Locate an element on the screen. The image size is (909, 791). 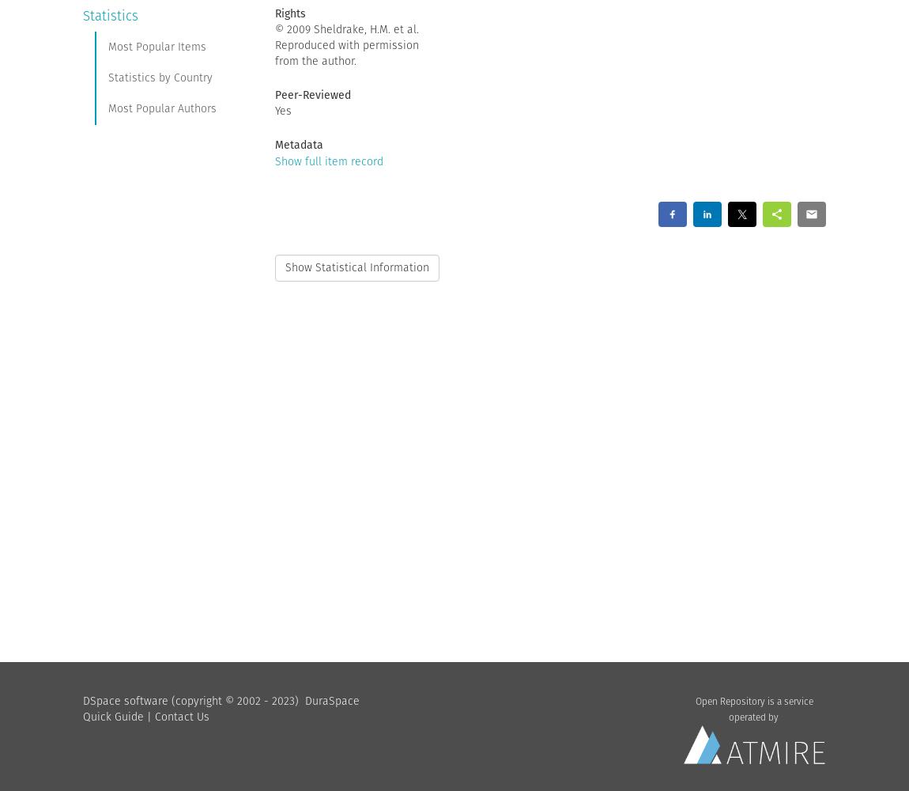
'|' is located at coordinates (148, 716).